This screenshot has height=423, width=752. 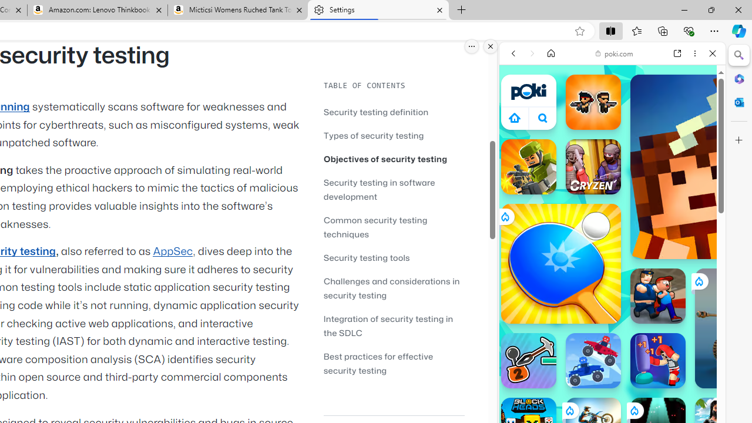 What do you see at coordinates (658, 295) in the screenshot?
I see `'Escape From School Escape From School'` at bounding box center [658, 295].